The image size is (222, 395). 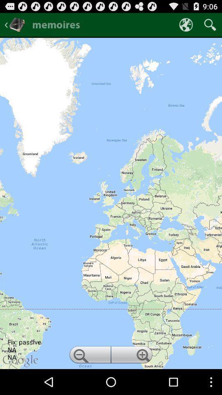 What do you see at coordinates (15, 26) in the screenshot?
I see `the arrow_backward icon` at bounding box center [15, 26].